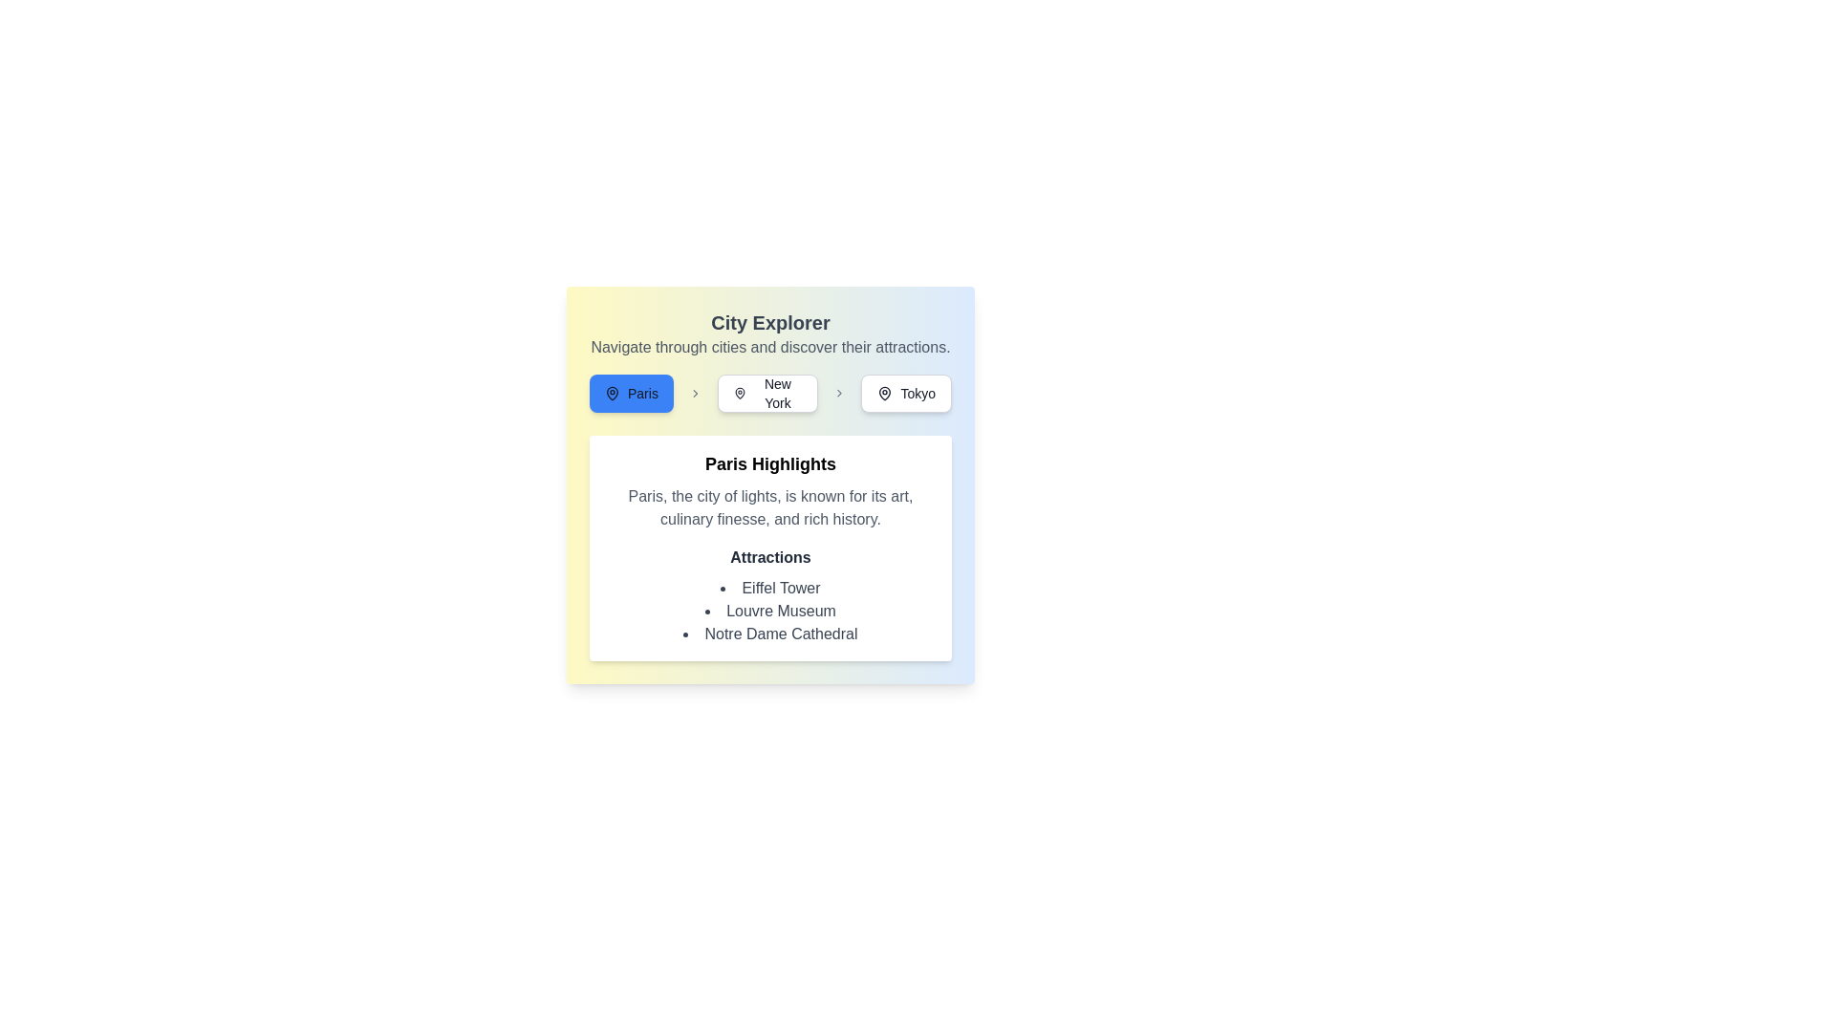  What do you see at coordinates (905, 393) in the screenshot?
I see `the Tokyo city button in the horizontal list of city buttons` at bounding box center [905, 393].